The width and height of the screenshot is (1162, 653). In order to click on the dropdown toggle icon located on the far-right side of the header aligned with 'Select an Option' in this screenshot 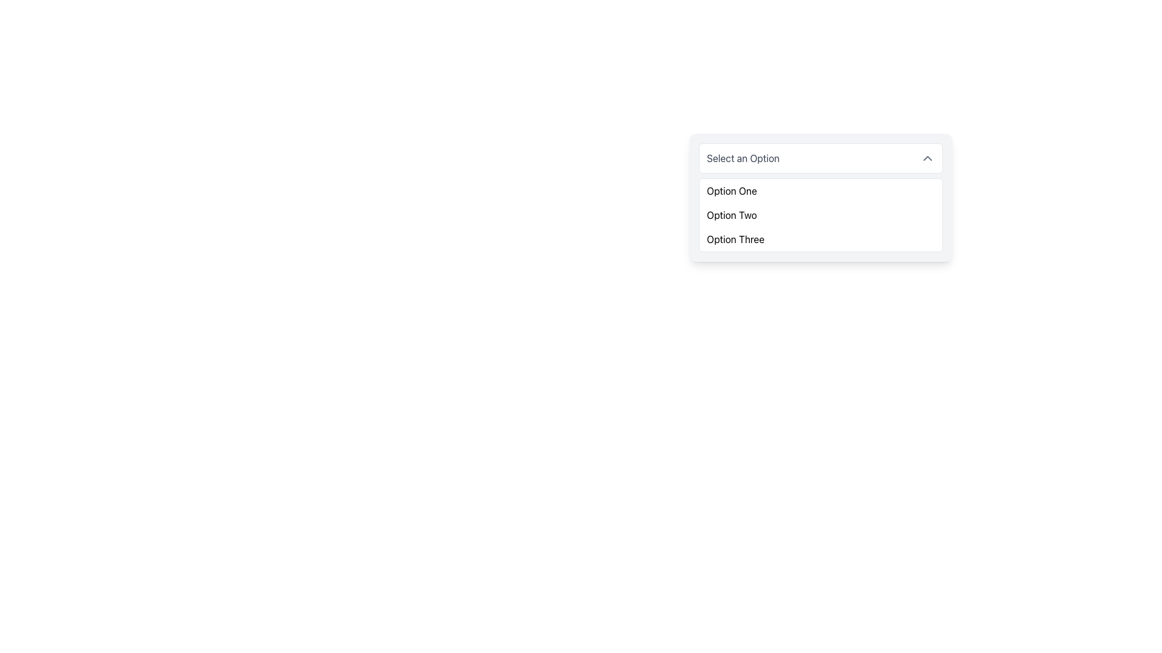, I will do `click(927, 158)`.